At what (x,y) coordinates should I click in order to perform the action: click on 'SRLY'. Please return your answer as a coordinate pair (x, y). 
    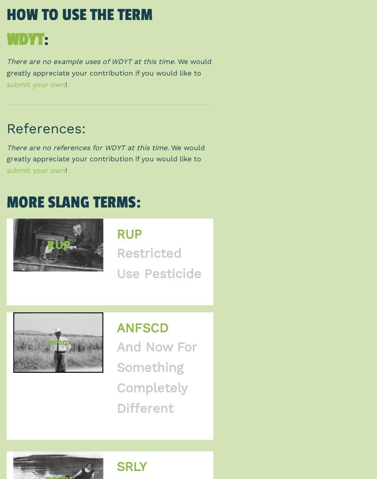
    Looking at the image, I should click on (130, 466).